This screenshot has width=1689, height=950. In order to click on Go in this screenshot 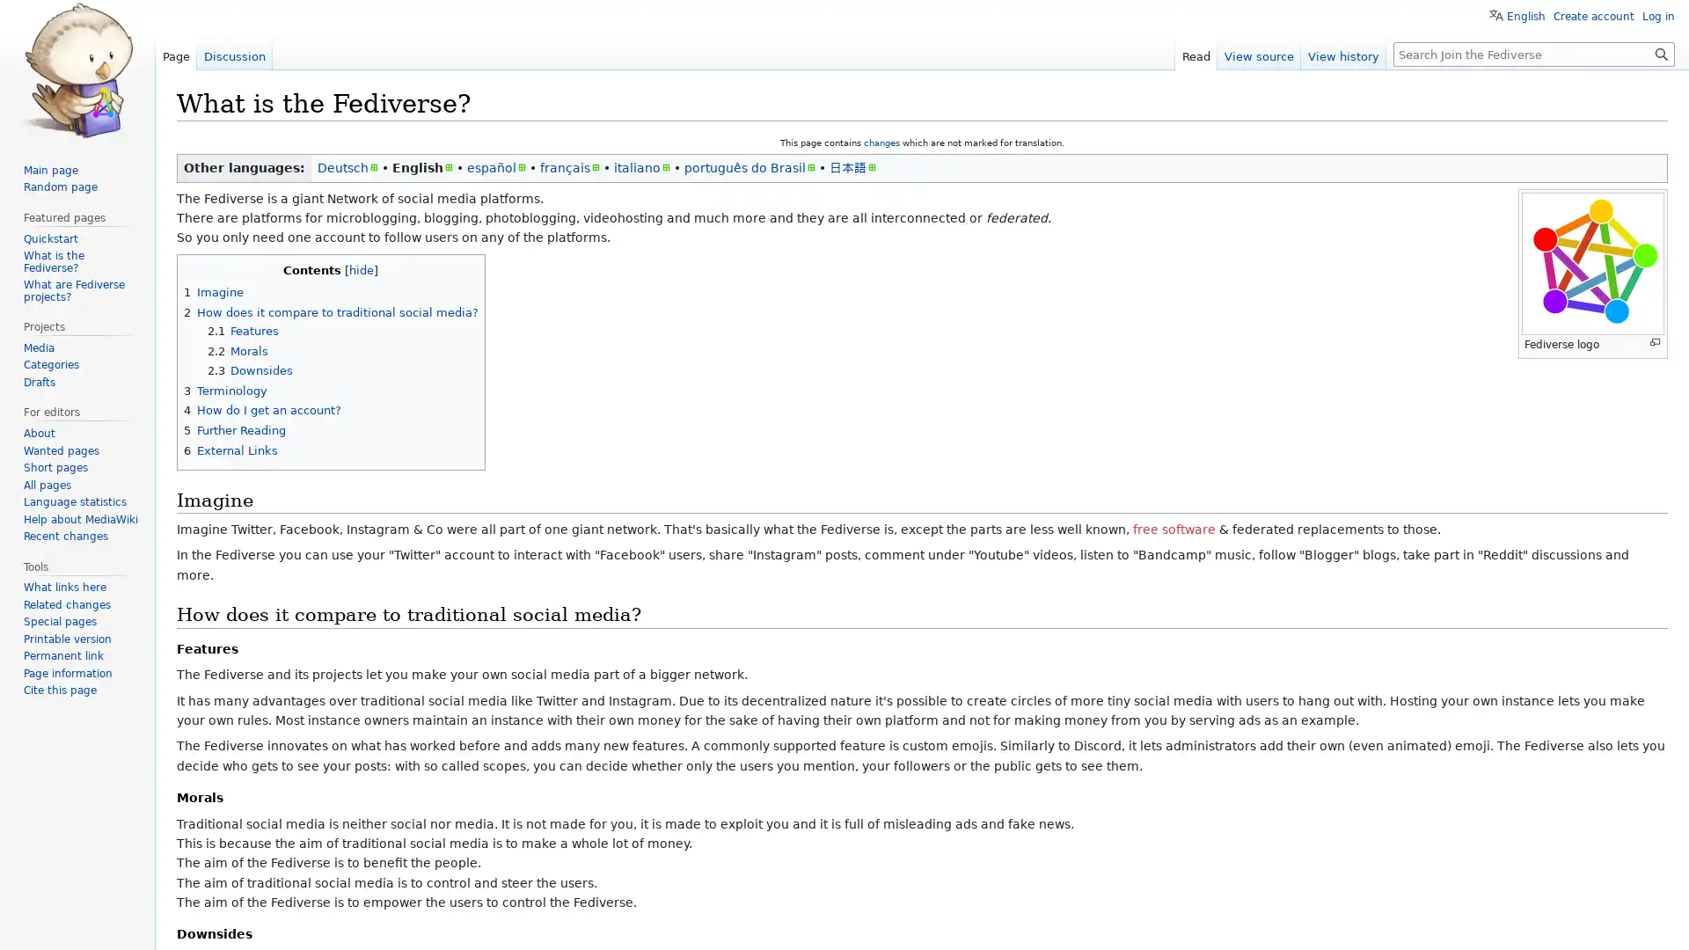, I will do `click(1661, 53)`.